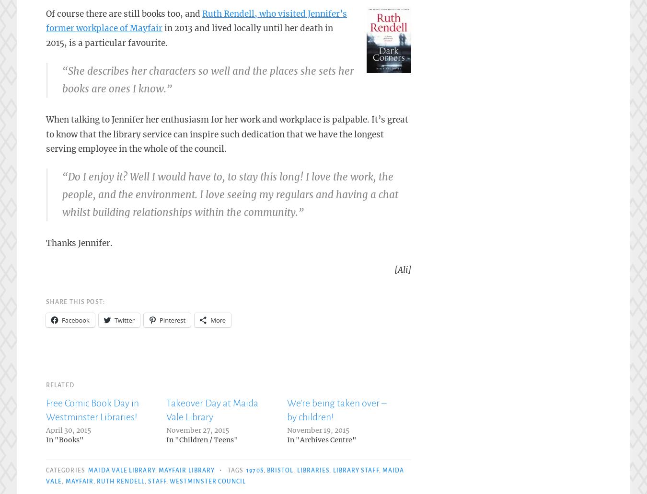  What do you see at coordinates (79, 480) in the screenshot?
I see `'Mayfair'` at bounding box center [79, 480].